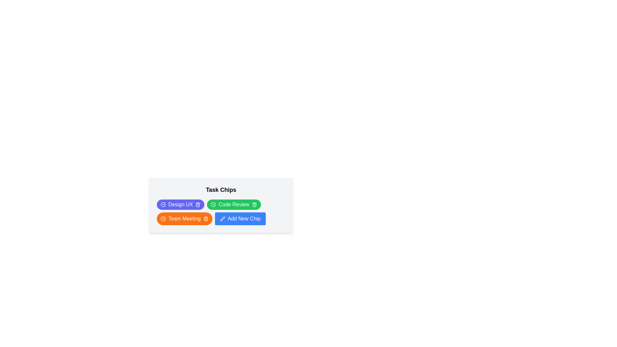 Image resolution: width=617 pixels, height=347 pixels. I want to click on the 'Code Review' chip, which is the second item in the row of chips, positioned between the 'Design UX' chip and the 'Team Meeting' chip, so click(234, 204).